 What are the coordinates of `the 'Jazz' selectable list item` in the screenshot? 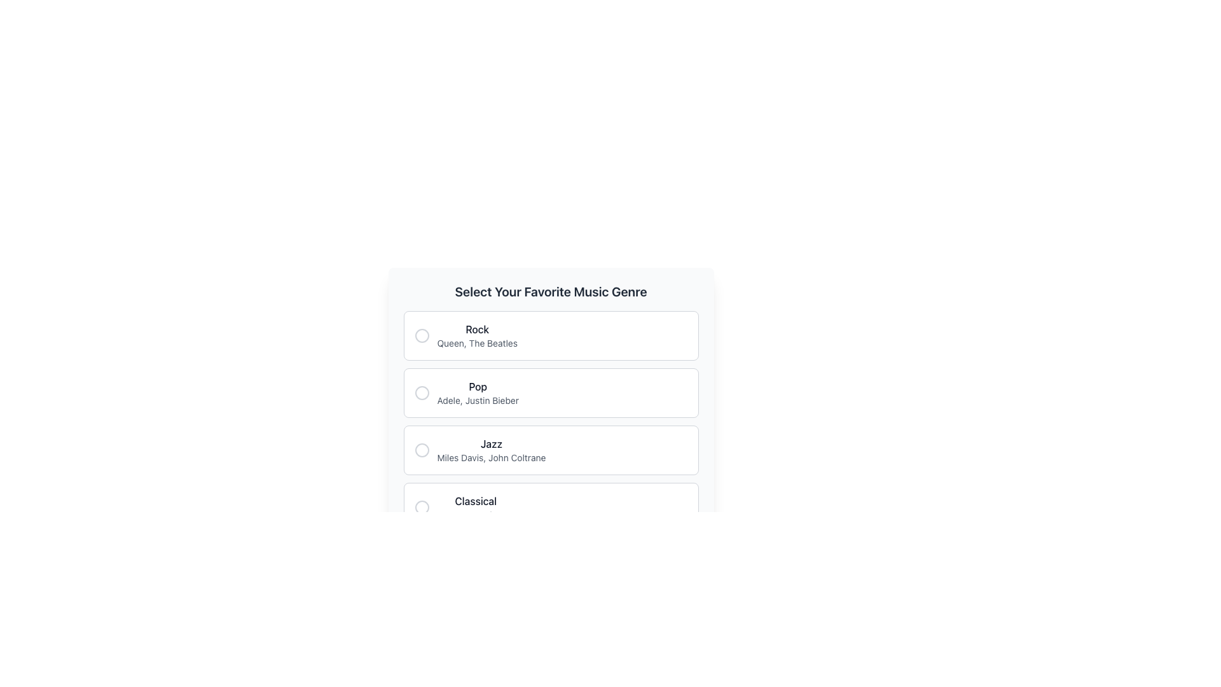 It's located at (551, 450).